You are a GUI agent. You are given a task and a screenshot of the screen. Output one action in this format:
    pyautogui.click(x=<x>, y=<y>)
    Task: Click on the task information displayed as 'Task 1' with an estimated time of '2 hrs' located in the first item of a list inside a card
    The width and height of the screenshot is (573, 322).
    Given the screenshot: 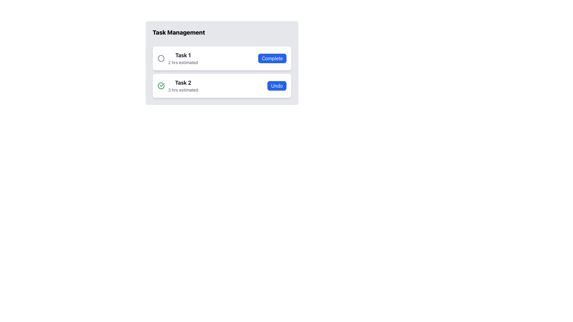 What is the action you would take?
    pyautogui.click(x=177, y=58)
    